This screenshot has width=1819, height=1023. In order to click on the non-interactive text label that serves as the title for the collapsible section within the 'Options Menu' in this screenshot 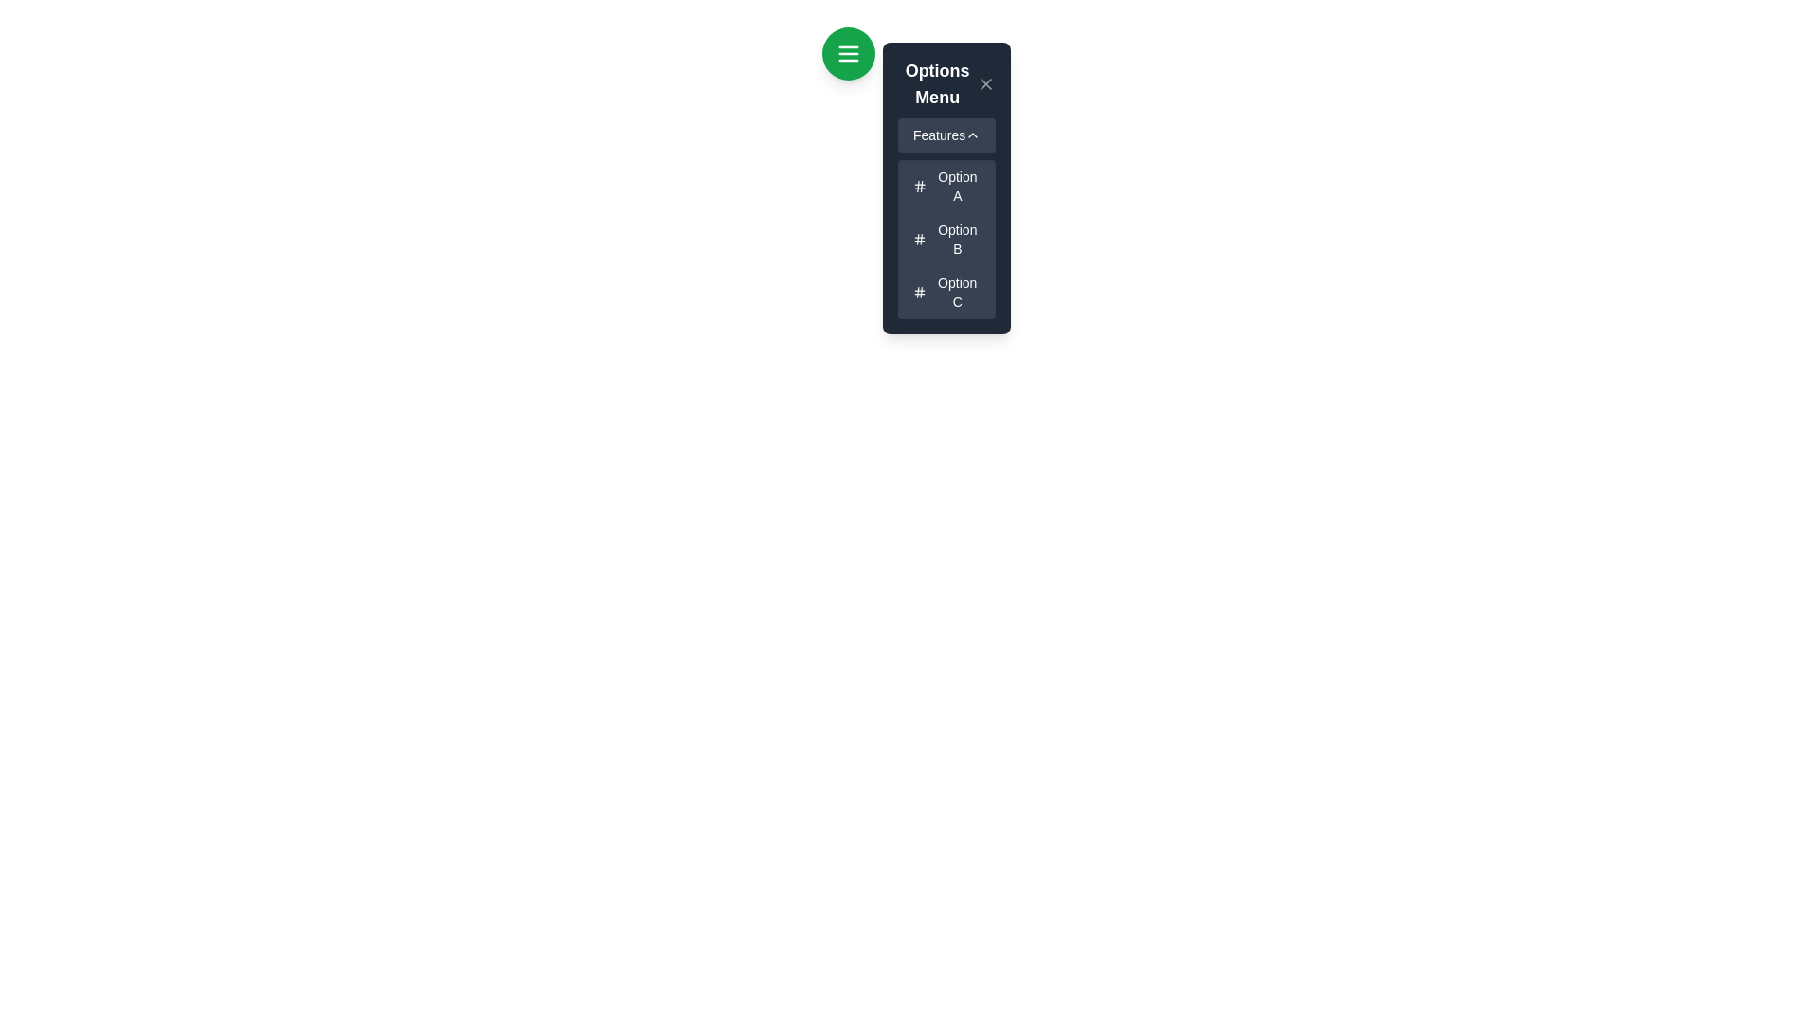, I will do `click(939, 134)`.